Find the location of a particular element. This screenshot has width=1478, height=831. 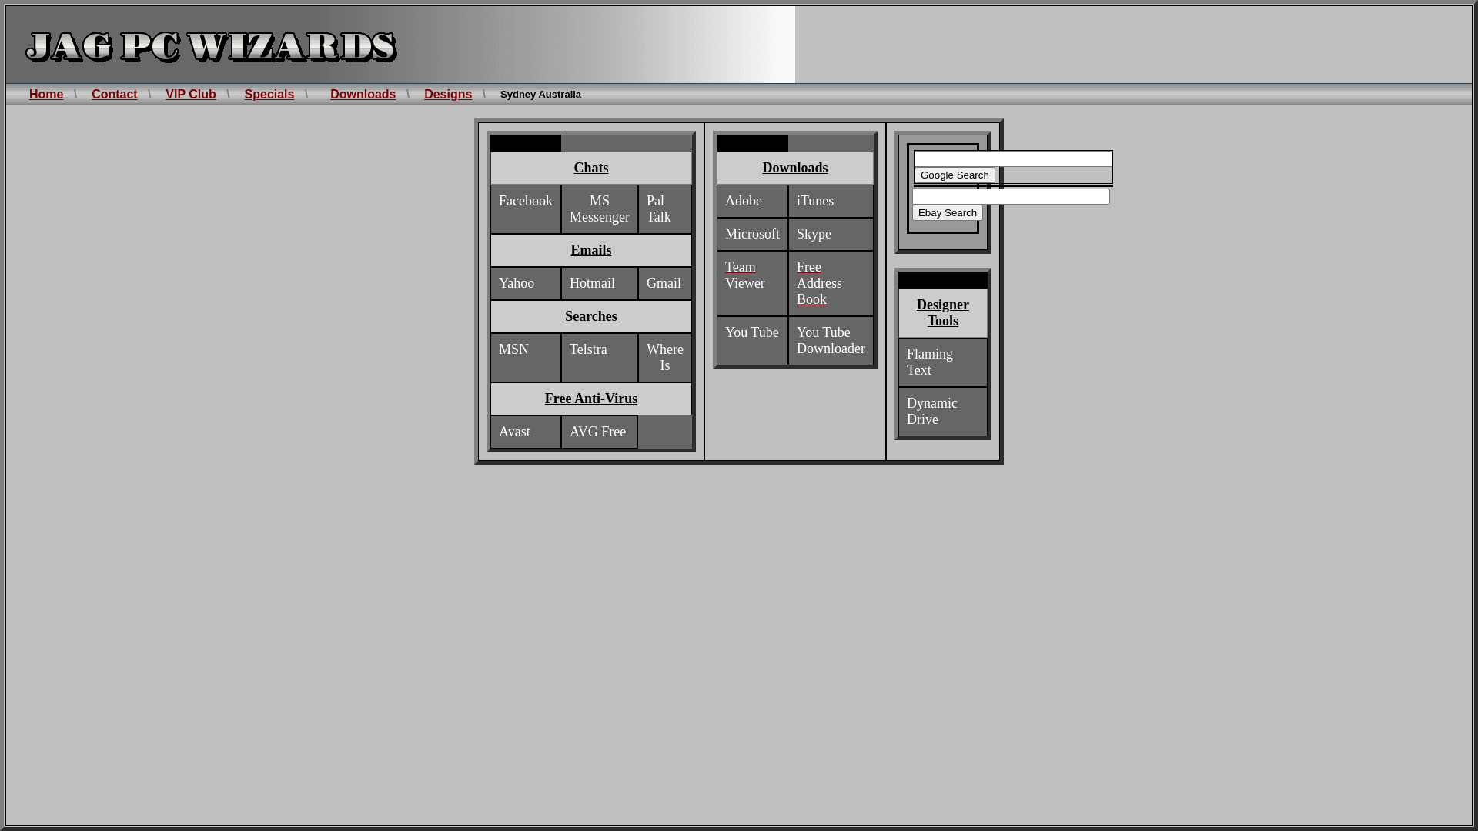

'Team Viewer' is located at coordinates (745, 275).